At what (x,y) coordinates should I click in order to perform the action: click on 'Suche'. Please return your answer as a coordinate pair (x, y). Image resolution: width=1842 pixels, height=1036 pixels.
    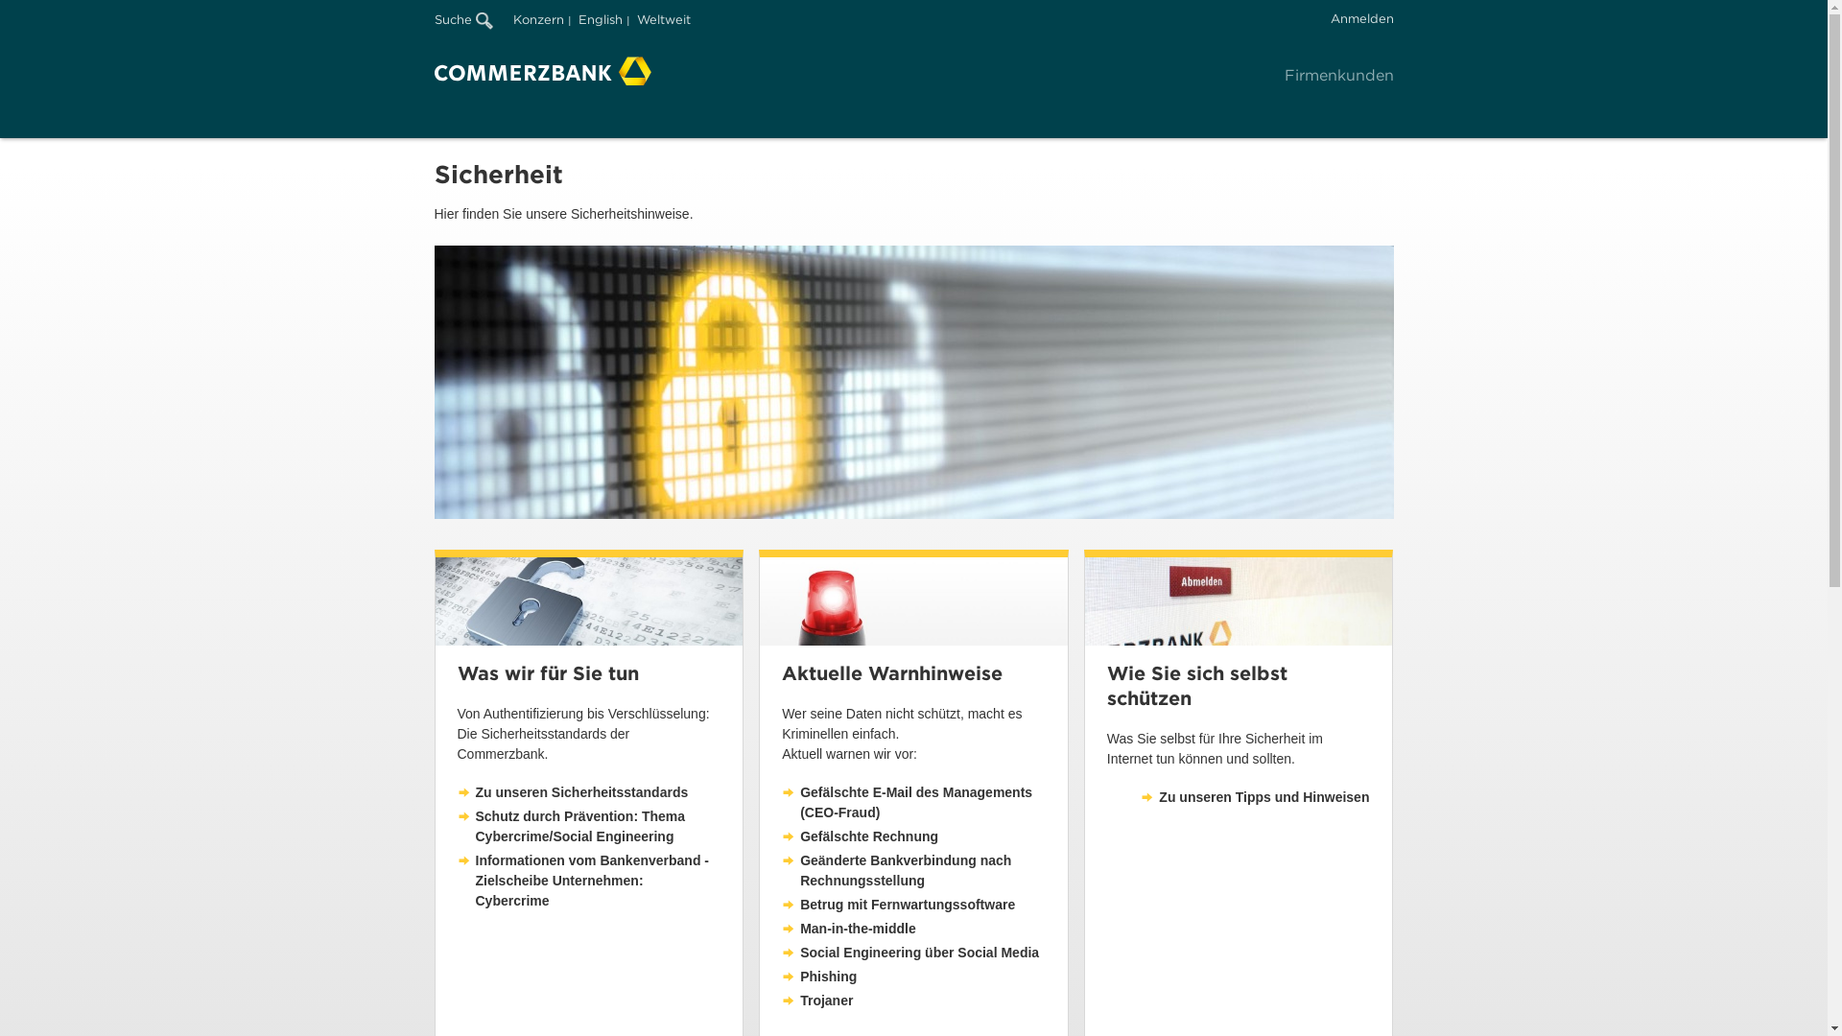
    Looking at the image, I should click on (432, 19).